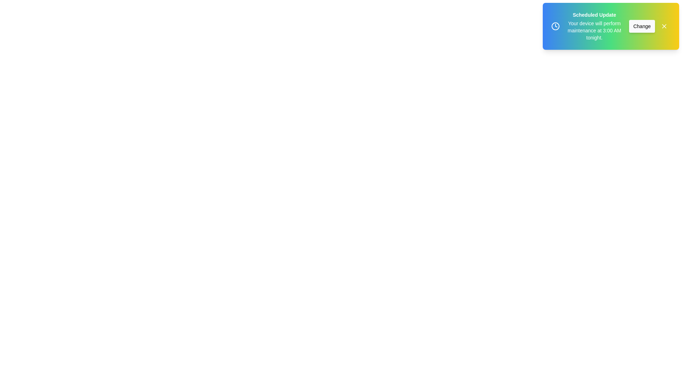  What do you see at coordinates (642, 26) in the screenshot?
I see `the 'Change' button to trigger the settings action` at bounding box center [642, 26].